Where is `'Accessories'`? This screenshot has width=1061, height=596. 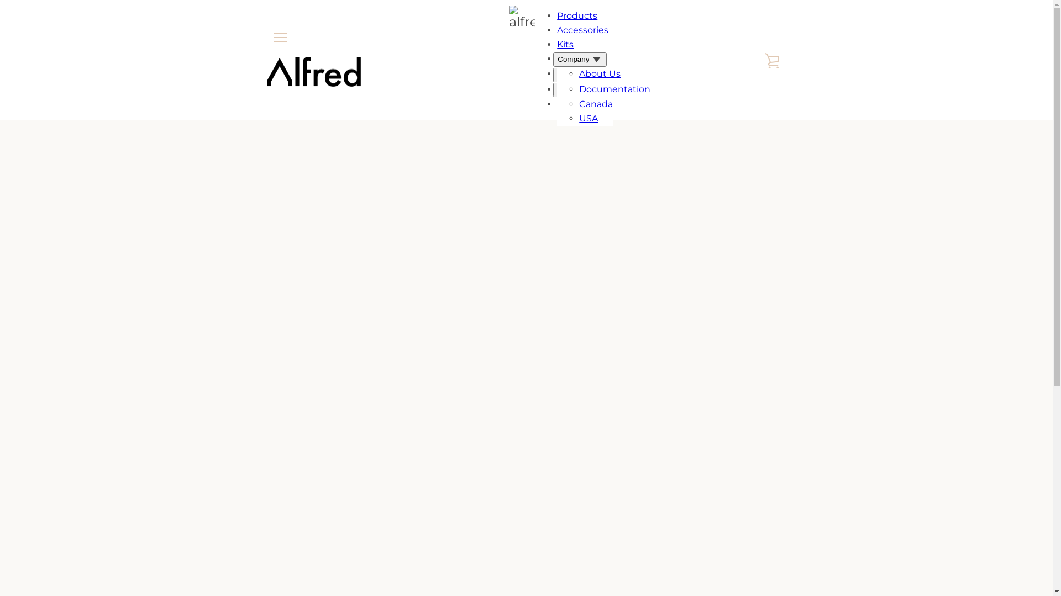
'Accessories' is located at coordinates (582, 29).